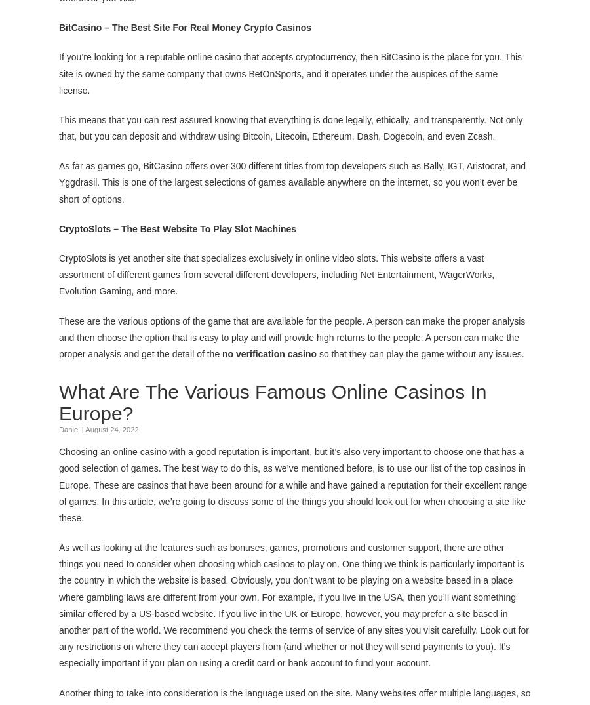 The height and width of the screenshot is (705, 590). Describe the element at coordinates (58, 483) in the screenshot. I see `'Choosing an online casino with a good reputation is important, but it’s also very important to choose one that has a good selection of games. The best way to do this, as we’ve mentioned before, is to use our list of the top casinos in Europe. These are casinos that have been around for a while and have gained a reputation for their excellent range of games. In this article, we’re going to discuss some of the things you should look out for when choosing a site like these.'` at that location.